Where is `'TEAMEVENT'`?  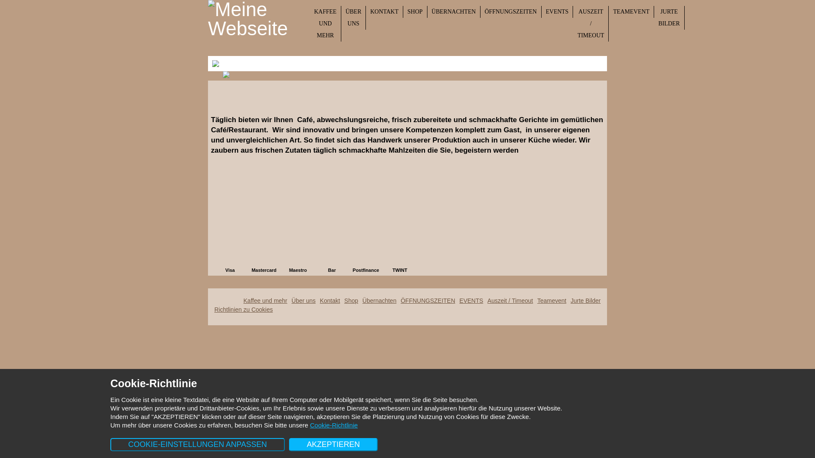
'TEAMEVENT' is located at coordinates (631, 11).